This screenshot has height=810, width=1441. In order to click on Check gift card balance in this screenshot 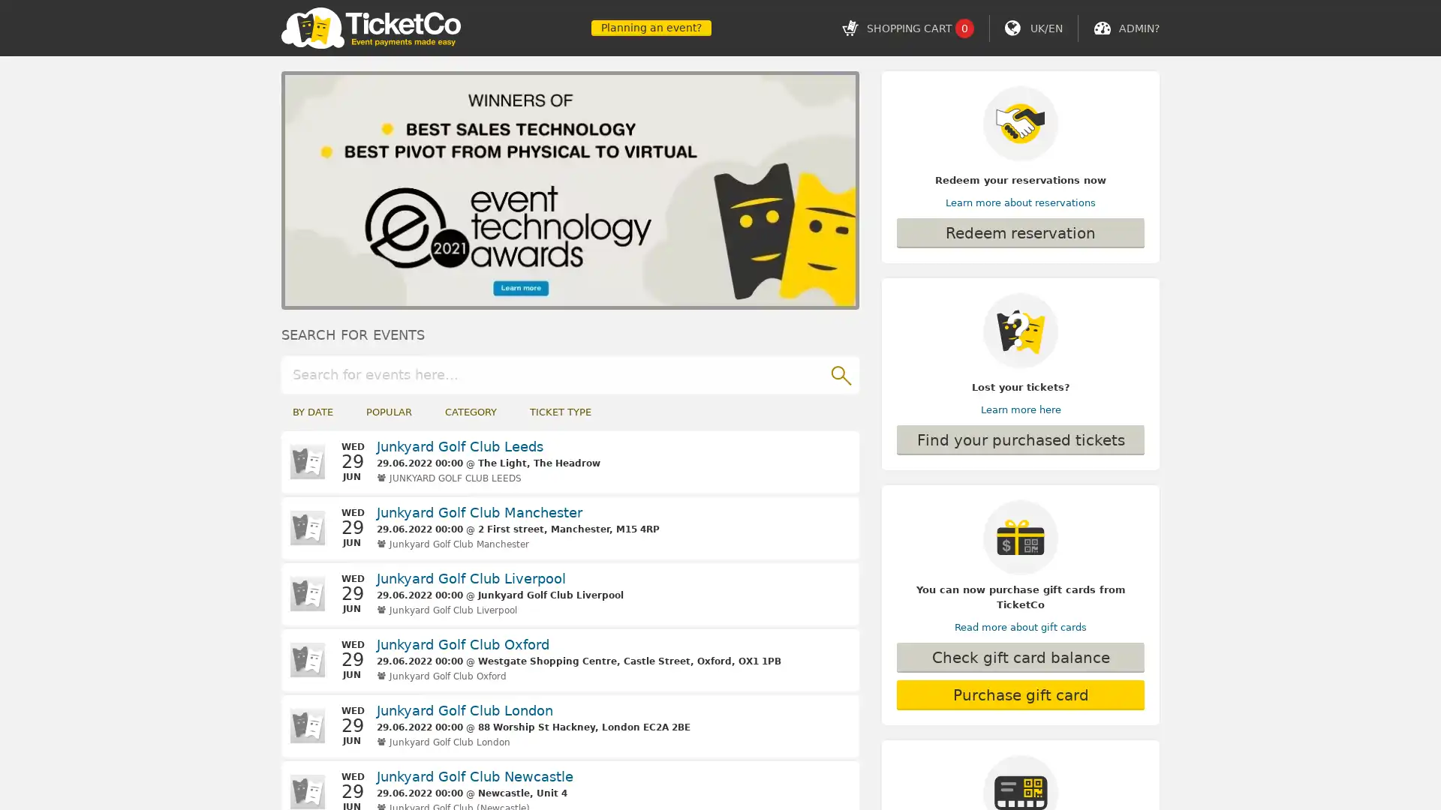, I will do `click(1020, 656)`.